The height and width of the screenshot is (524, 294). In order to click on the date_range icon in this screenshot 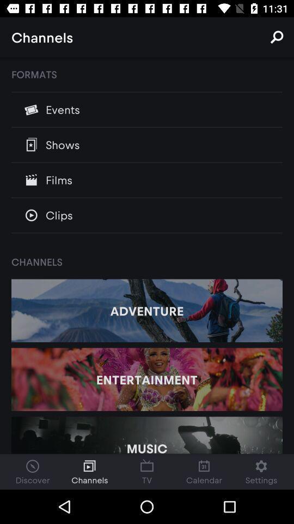, I will do `click(147, 471)`.